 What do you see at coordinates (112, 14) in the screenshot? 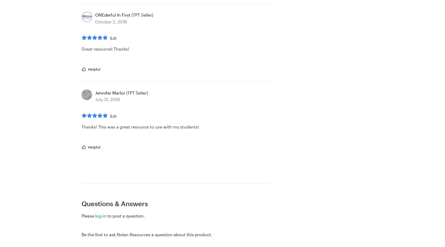
I see `'ONEderful In First'` at bounding box center [112, 14].